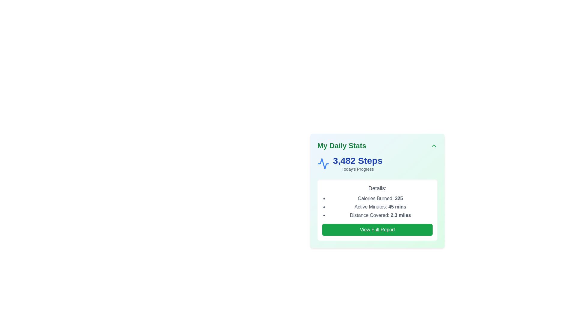  What do you see at coordinates (377, 164) in the screenshot?
I see `the Static Info Panel that displays the user's progress in steps and daily achievements, located centrally within the 'My Daily Stats' card` at bounding box center [377, 164].